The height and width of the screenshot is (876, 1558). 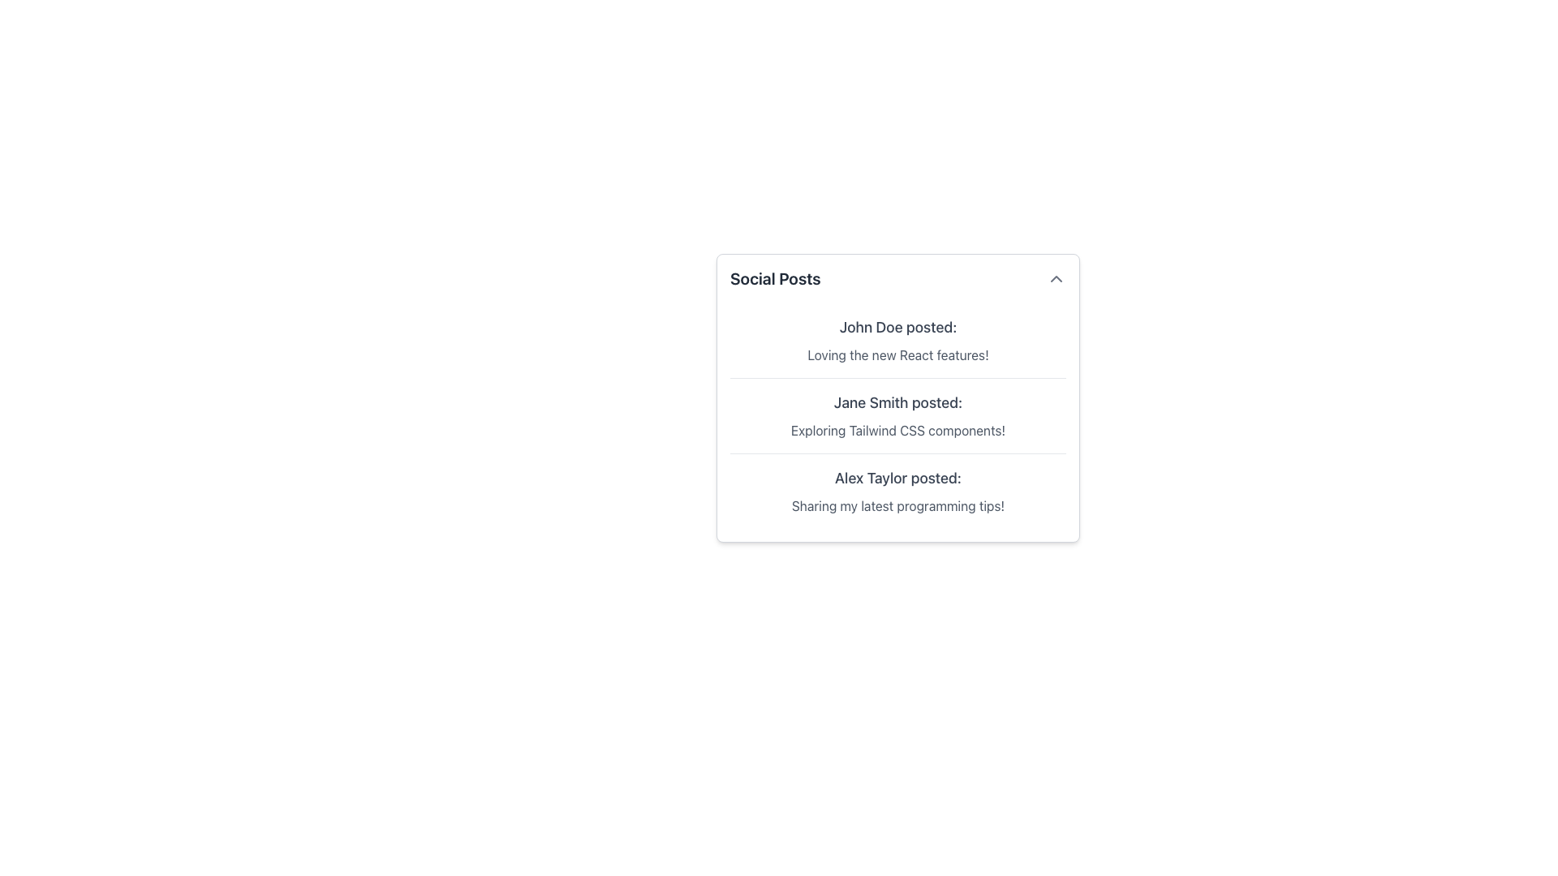 I want to click on the static text element displaying a message shared by user 'Jane Smith', which is located below the heading 'Jane Smith posted:', so click(x=897, y=430).